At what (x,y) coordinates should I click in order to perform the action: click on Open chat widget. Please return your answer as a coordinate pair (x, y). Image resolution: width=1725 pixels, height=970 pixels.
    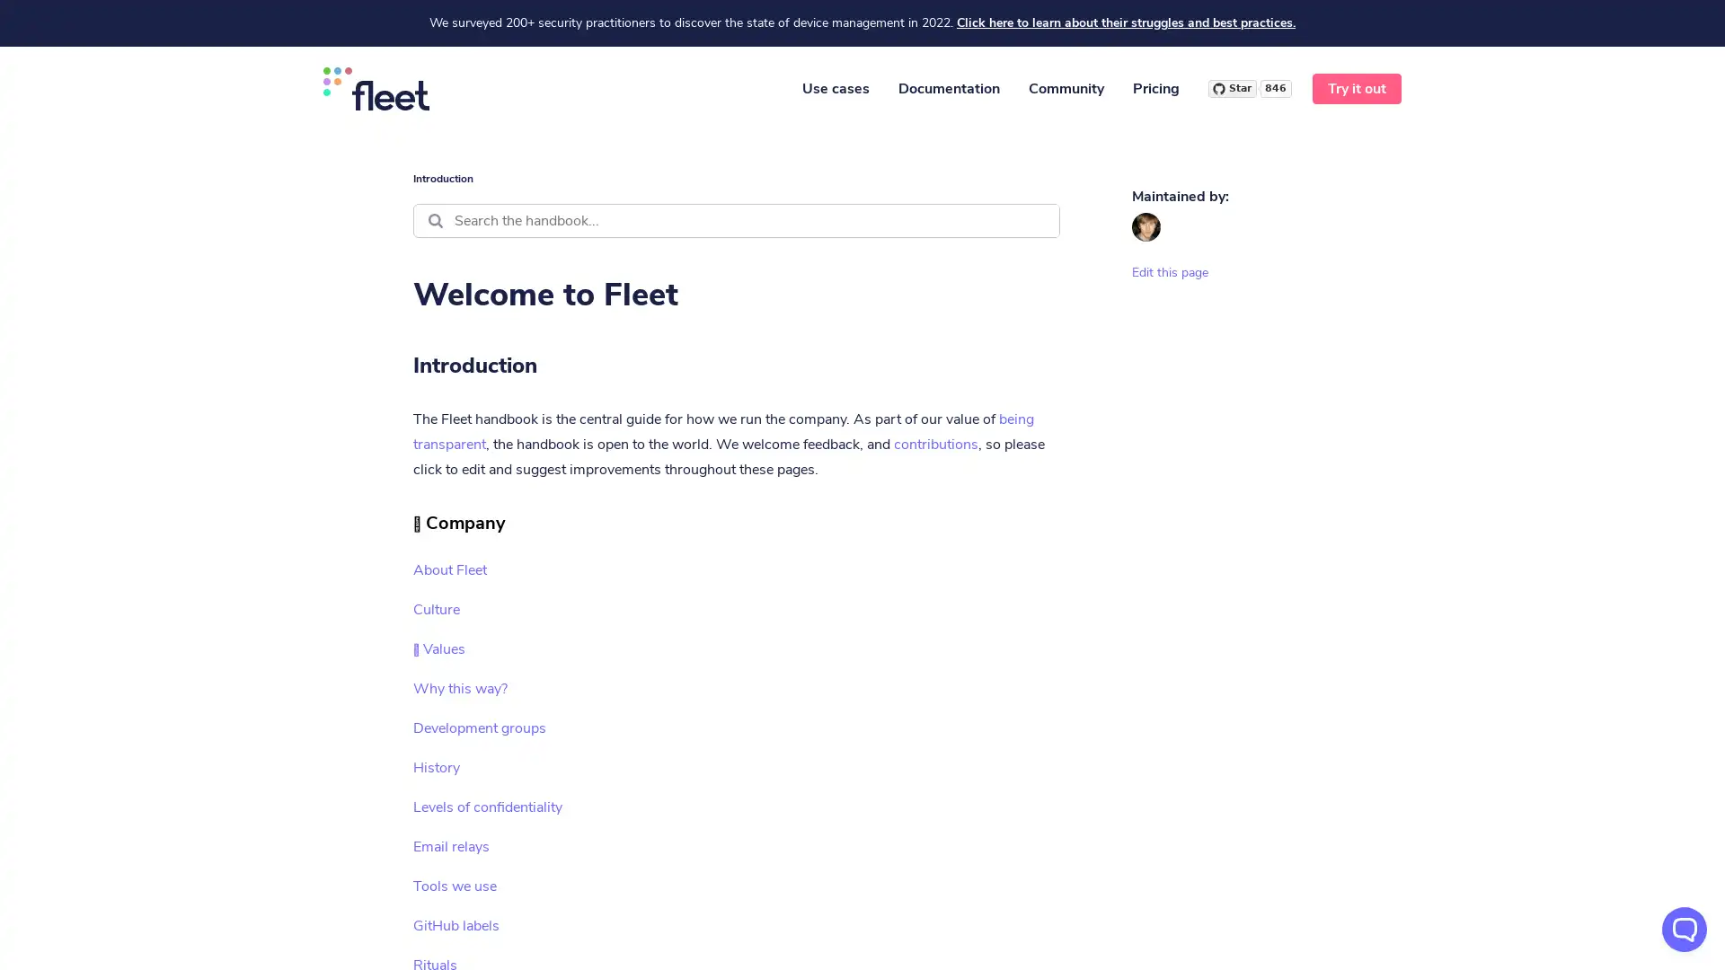
    Looking at the image, I should click on (1684, 929).